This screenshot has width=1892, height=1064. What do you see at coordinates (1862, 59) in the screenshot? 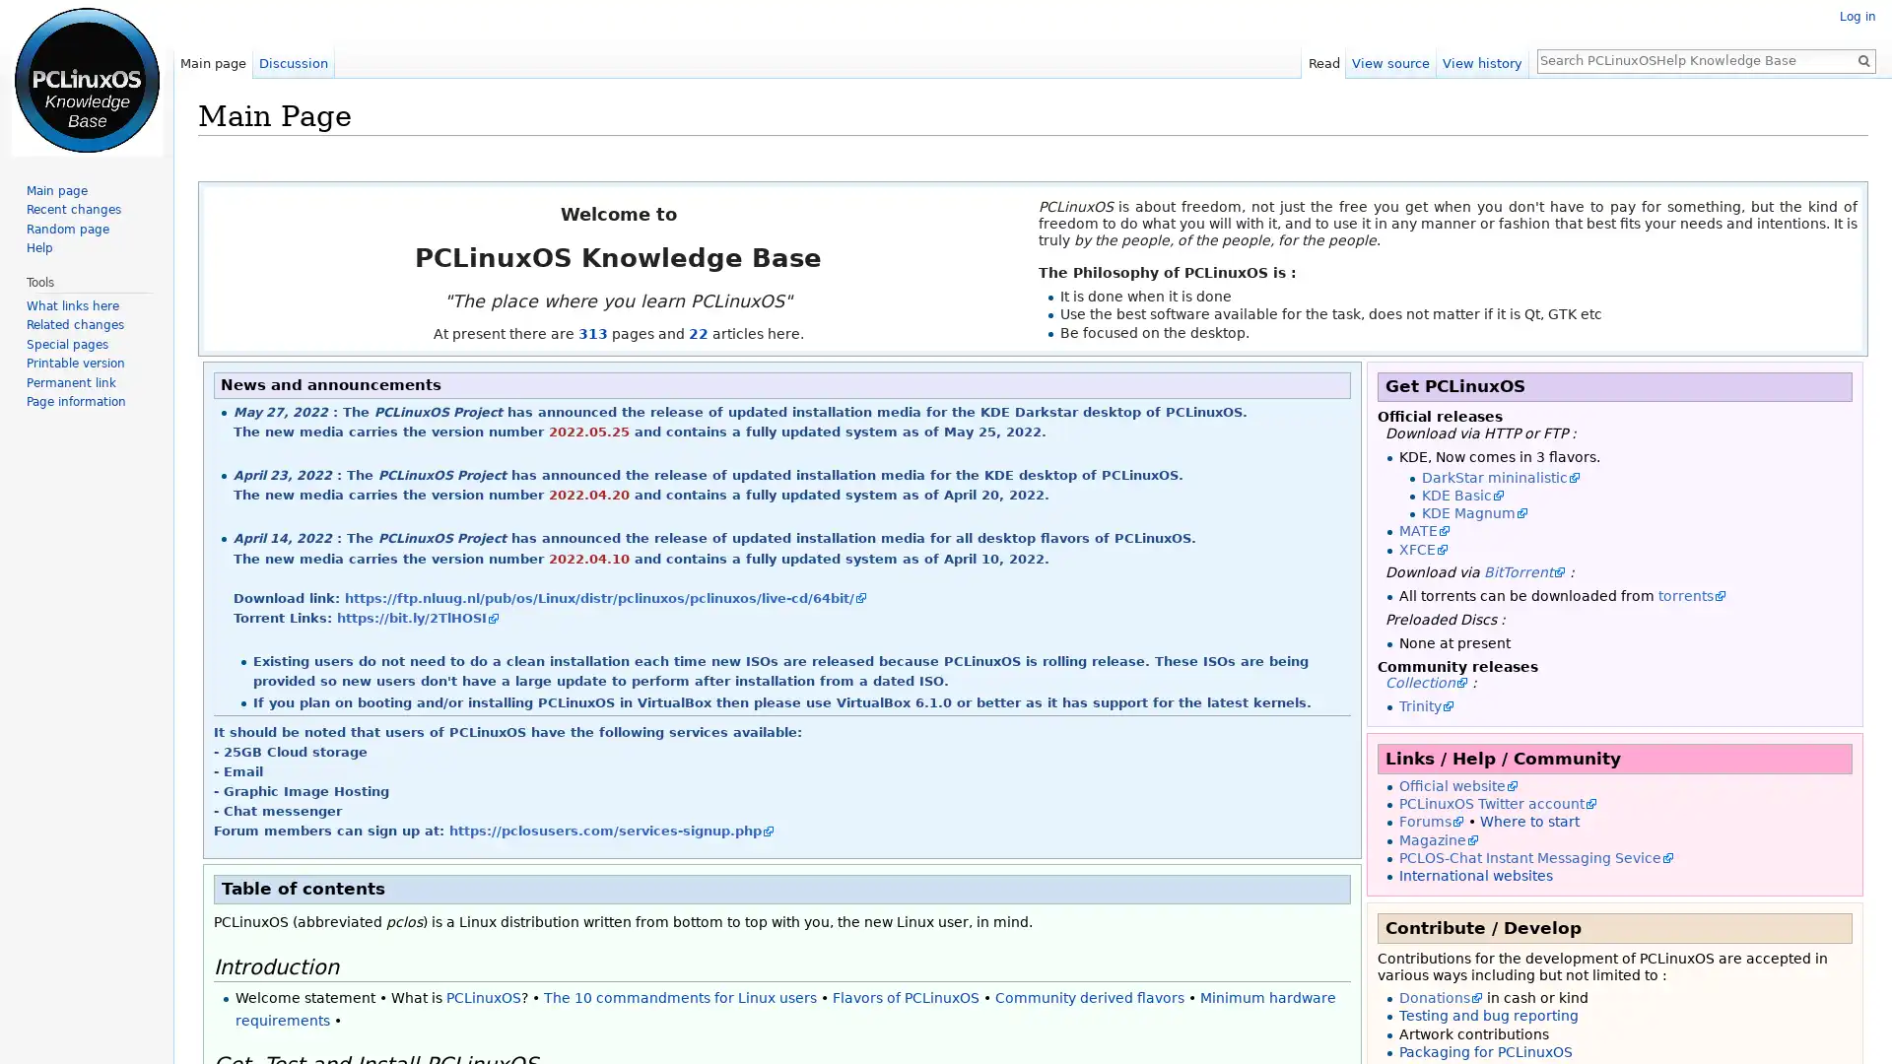
I see `Go` at bounding box center [1862, 59].